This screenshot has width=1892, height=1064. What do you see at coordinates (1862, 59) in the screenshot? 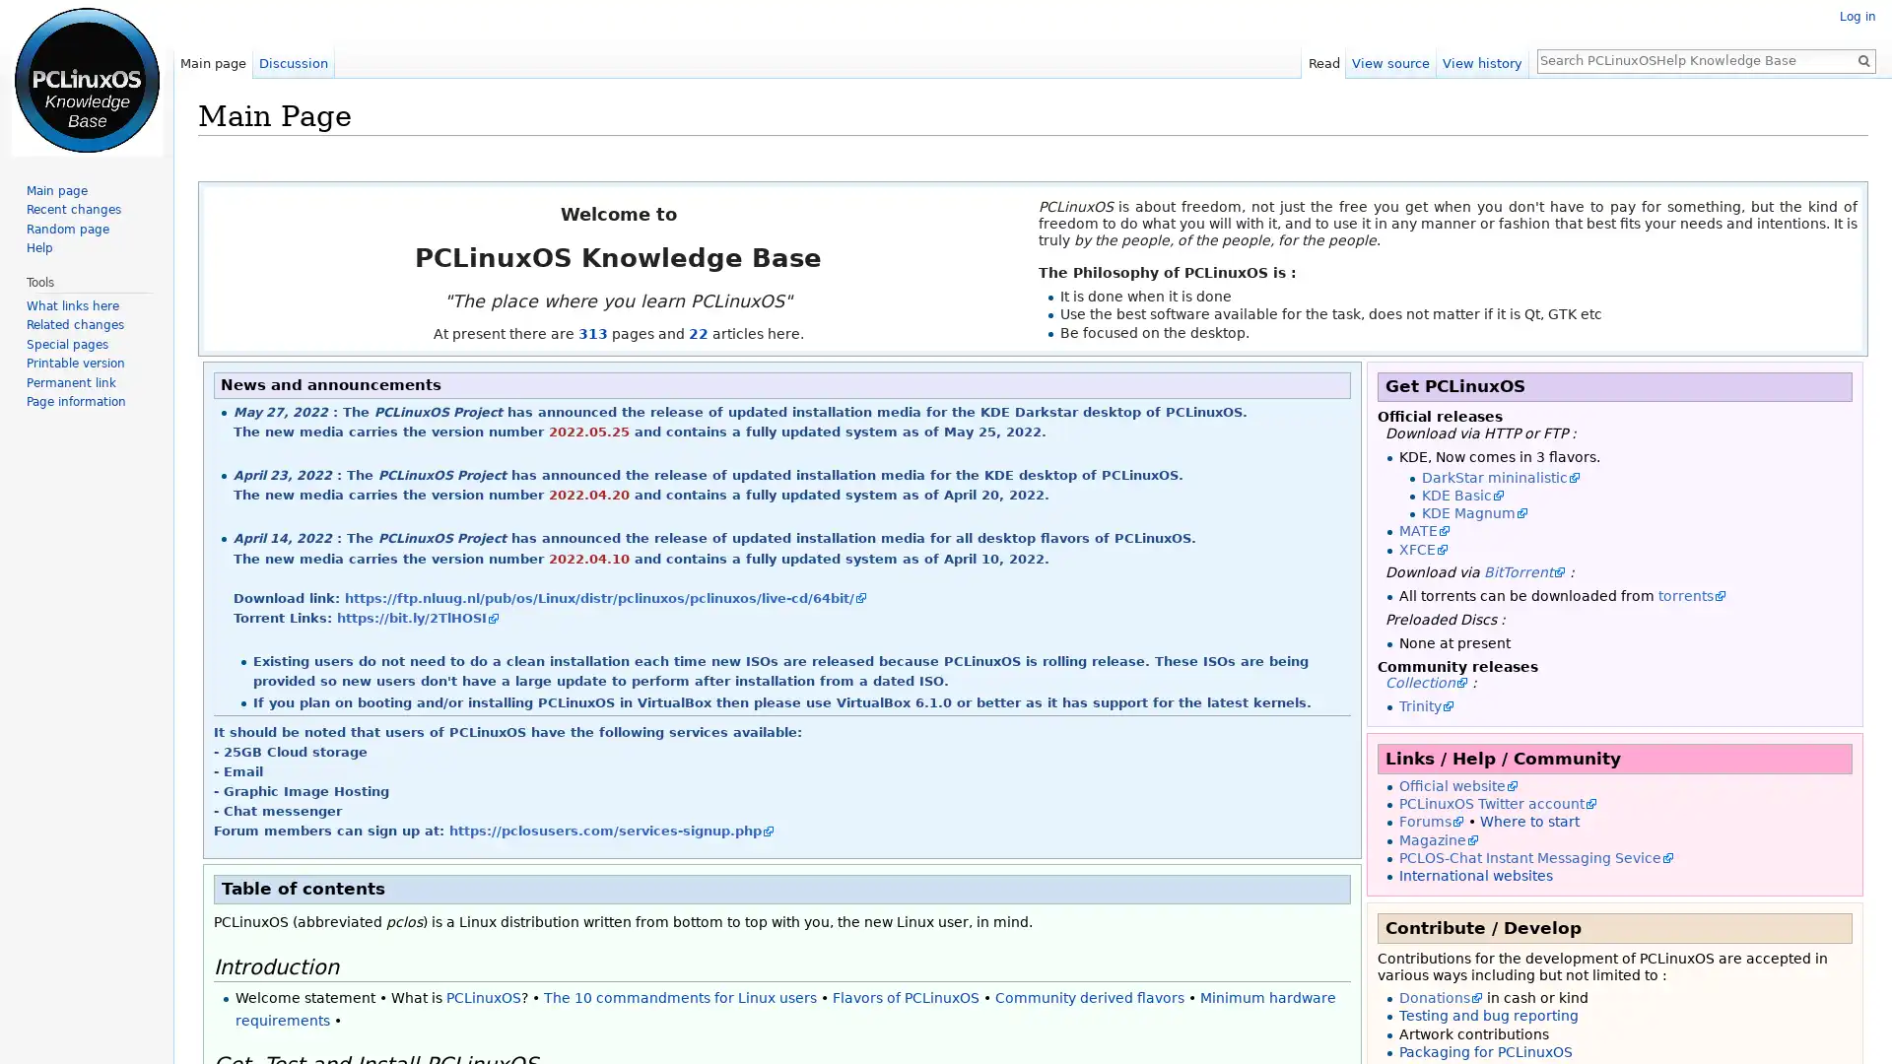
I see `Go` at bounding box center [1862, 59].